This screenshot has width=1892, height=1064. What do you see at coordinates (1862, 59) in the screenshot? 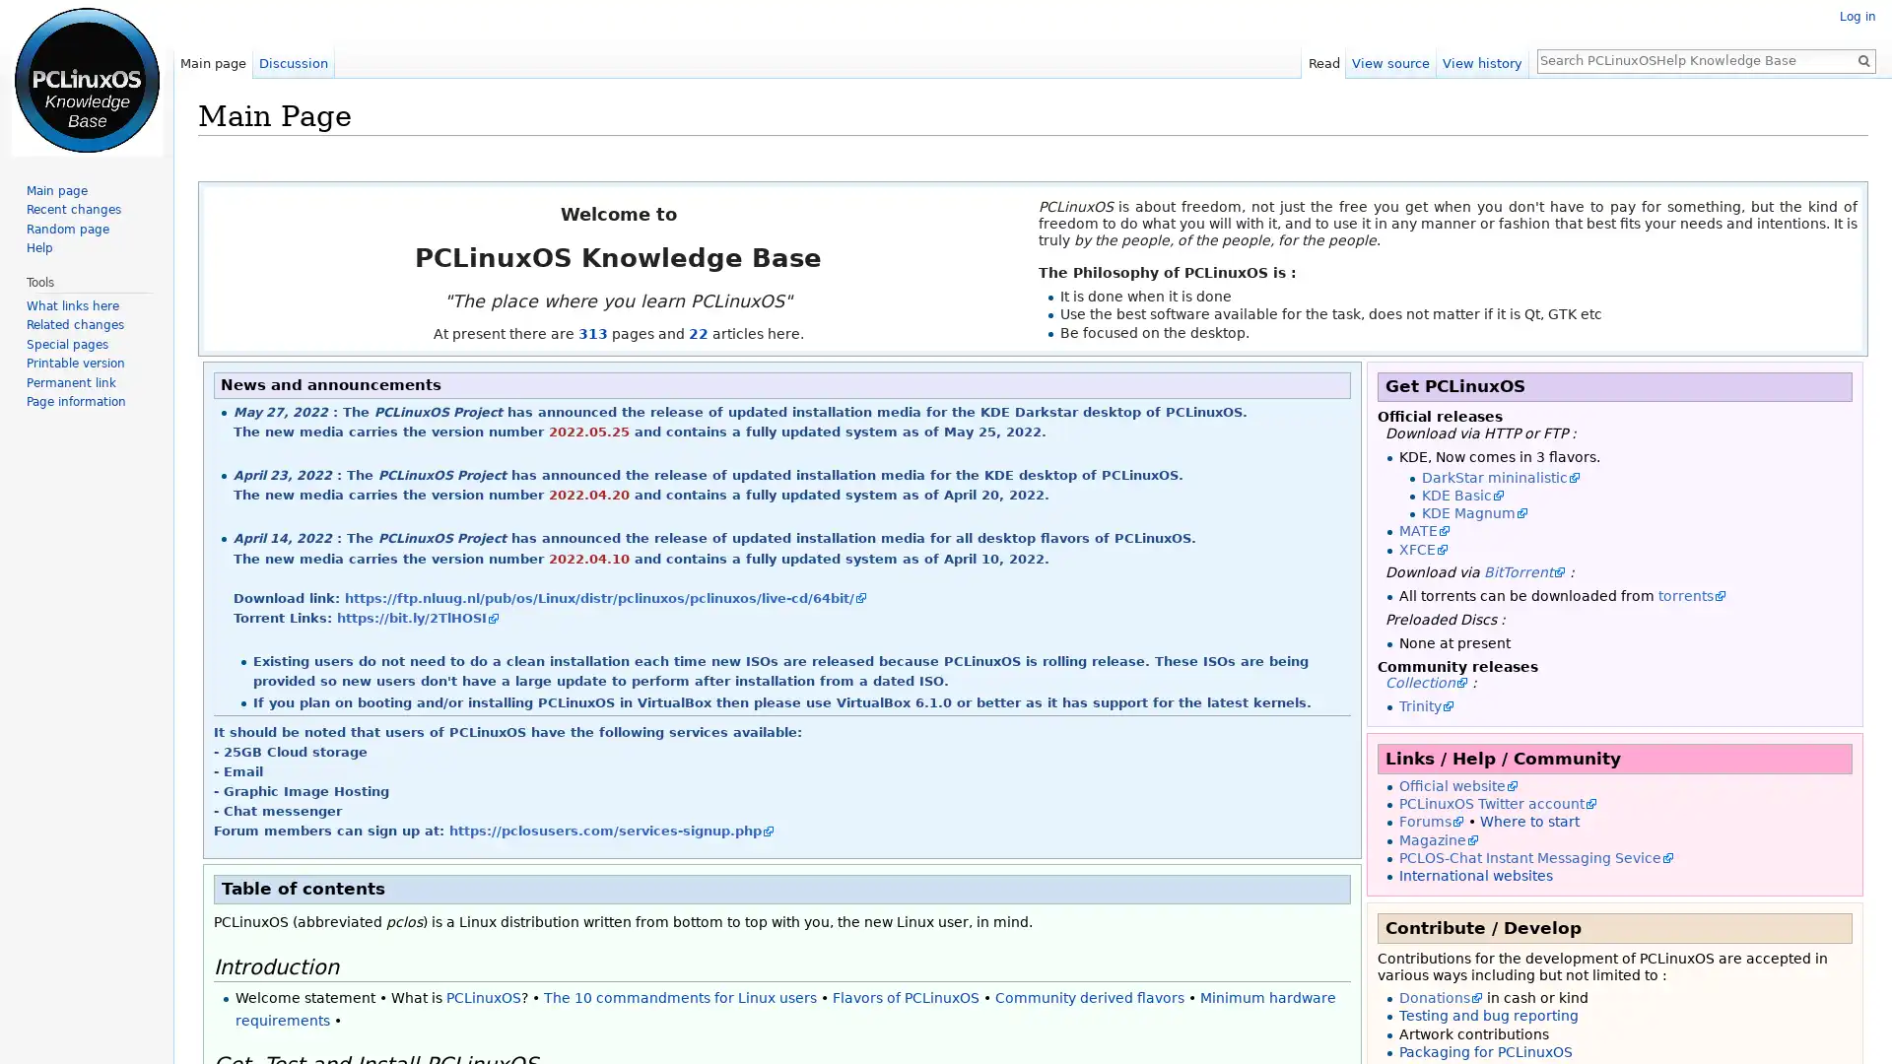
I see `Go` at bounding box center [1862, 59].